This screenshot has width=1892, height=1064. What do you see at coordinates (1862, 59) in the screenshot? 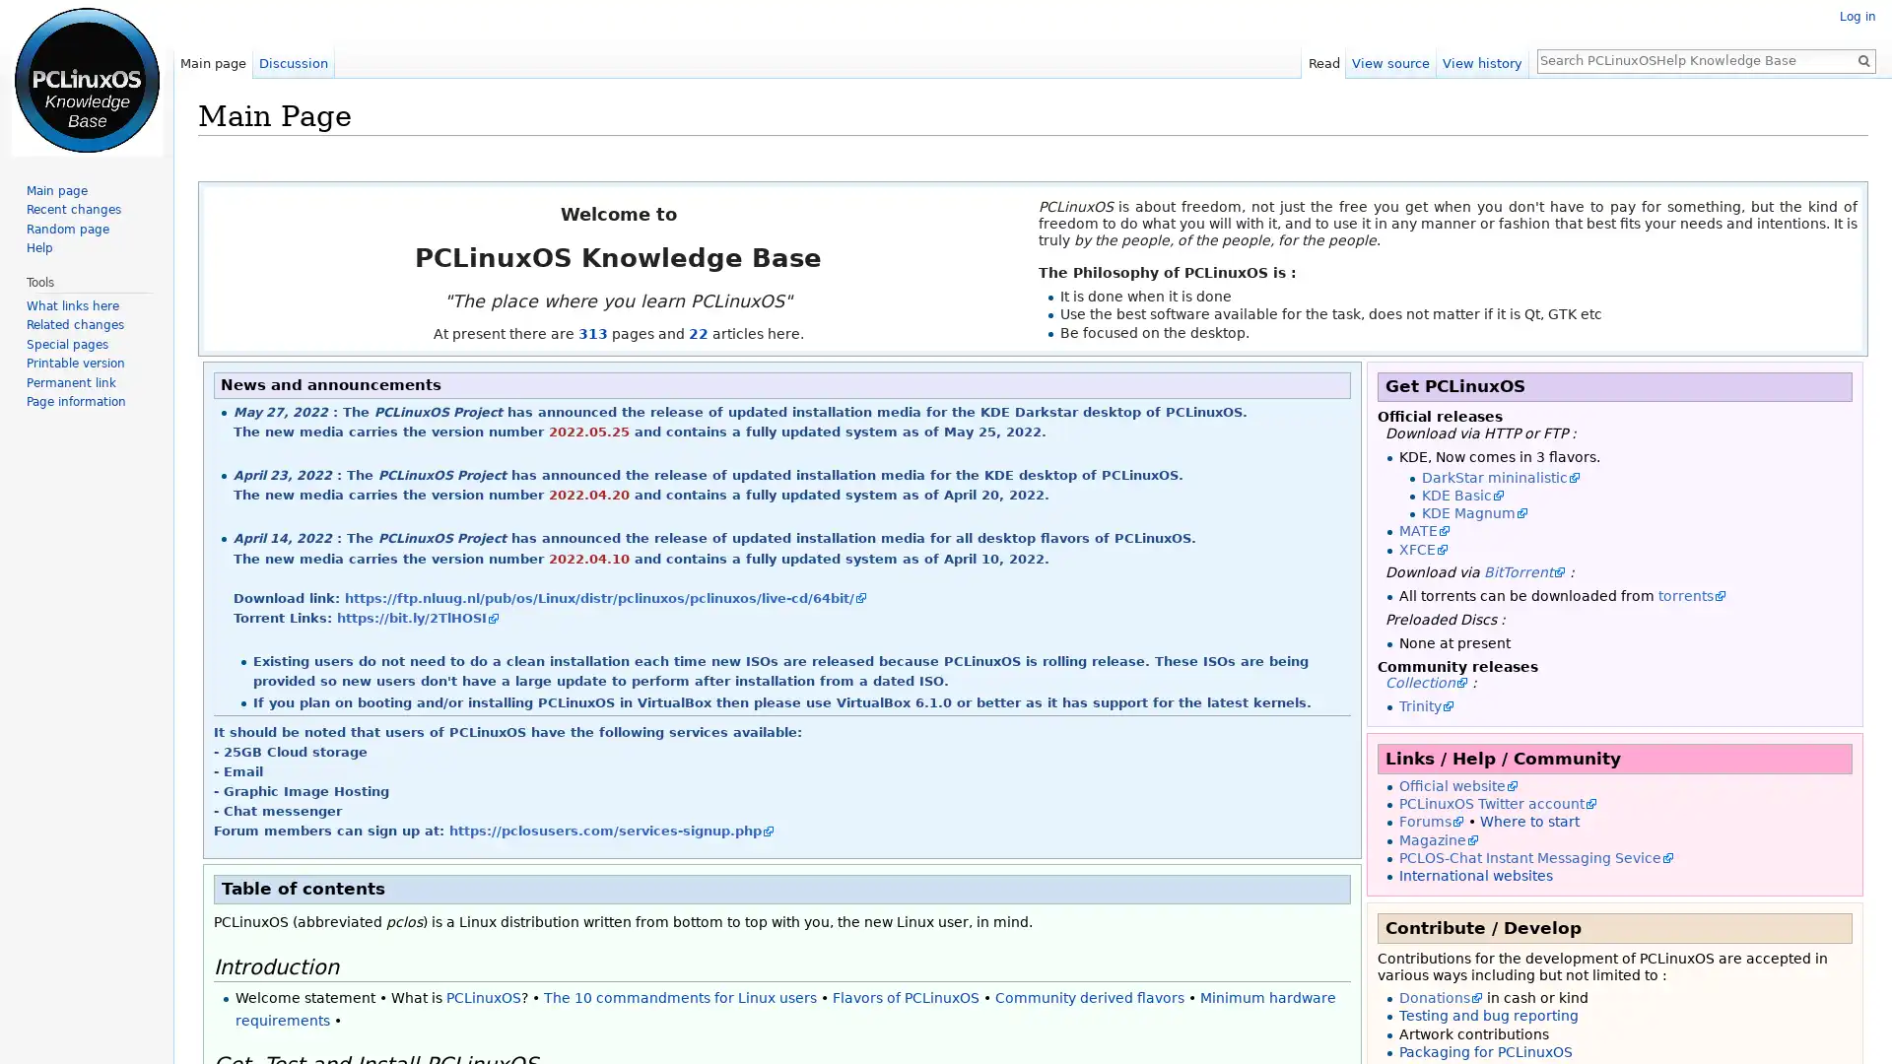
I see `Go` at bounding box center [1862, 59].